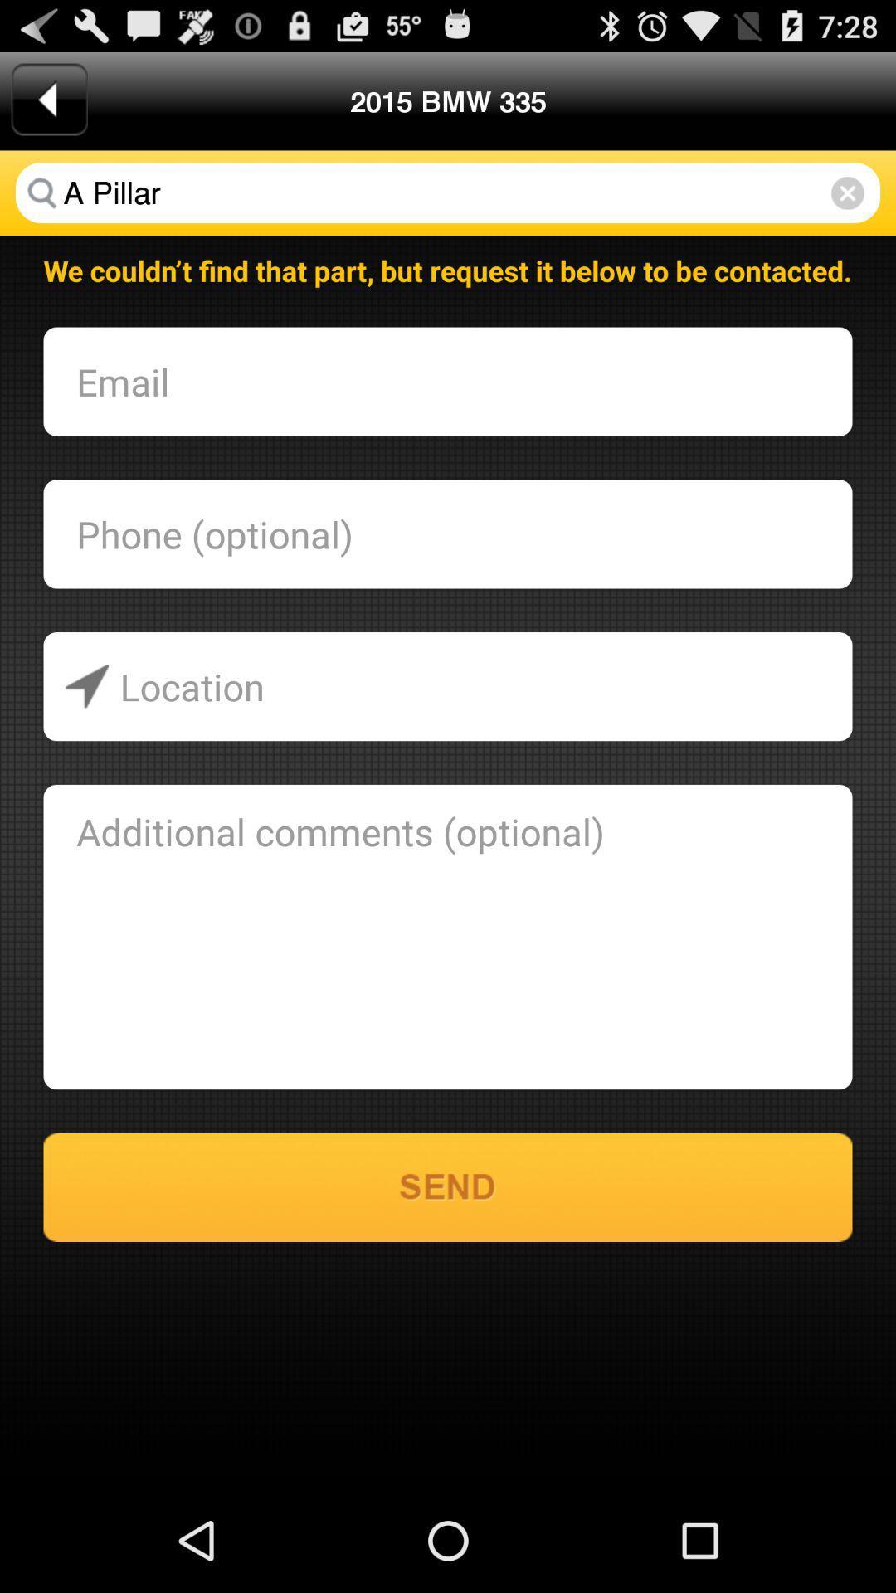 The image size is (896, 1593). I want to click on the item above we couldn t icon, so click(448, 192).